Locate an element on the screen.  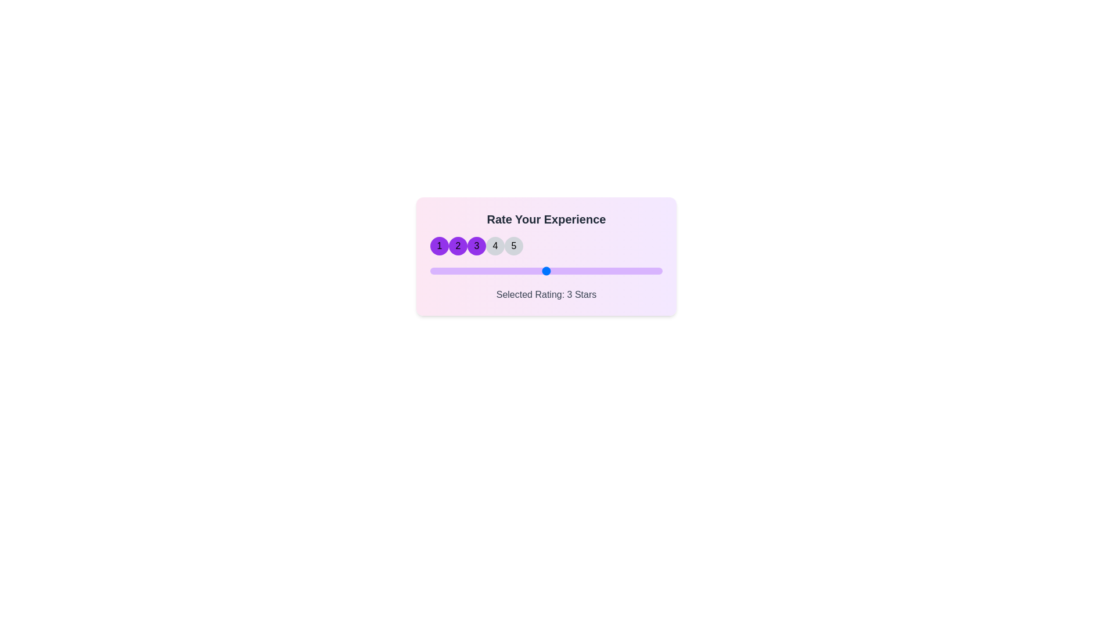
the star corresponding to 5 to set the rating is located at coordinates (513, 246).